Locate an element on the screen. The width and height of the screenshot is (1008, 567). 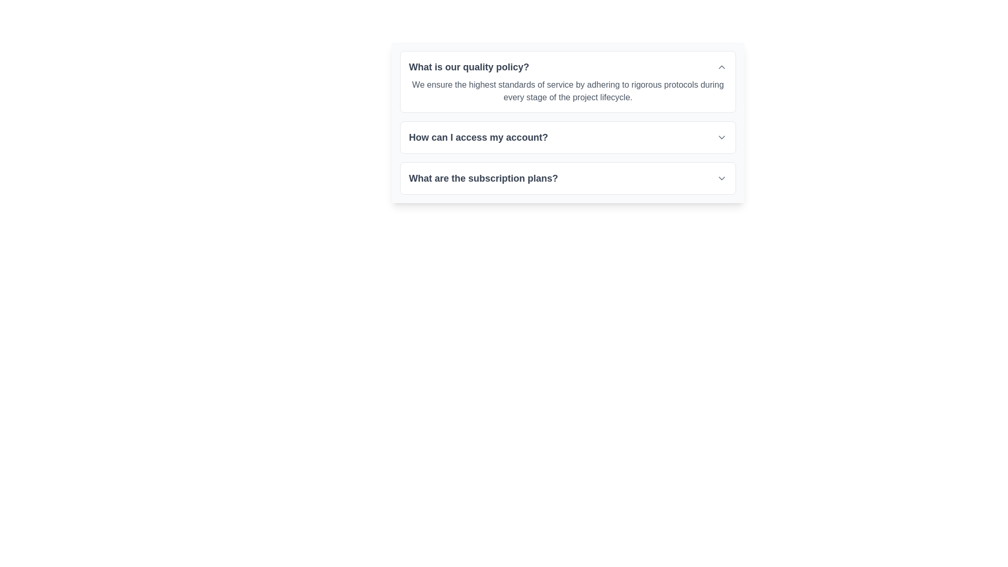
the informational text block titled 'What is our quality policy?' is located at coordinates (567, 81).